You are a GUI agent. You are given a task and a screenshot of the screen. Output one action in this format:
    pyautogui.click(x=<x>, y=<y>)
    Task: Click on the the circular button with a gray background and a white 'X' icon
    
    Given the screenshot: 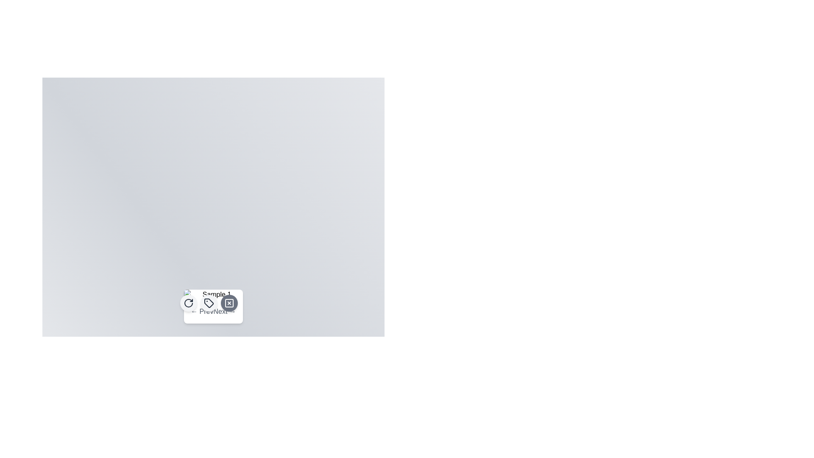 What is the action you would take?
    pyautogui.click(x=229, y=302)
    